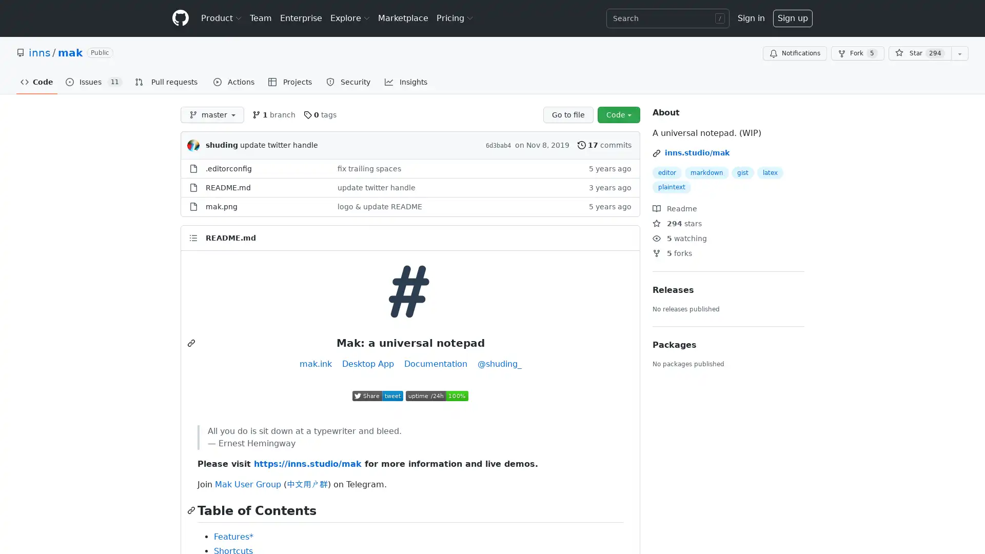 This screenshot has height=554, width=985. Describe the element at coordinates (959, 53) in the screenshot. I see `You must be signed in to add this repository to a list` at that location.